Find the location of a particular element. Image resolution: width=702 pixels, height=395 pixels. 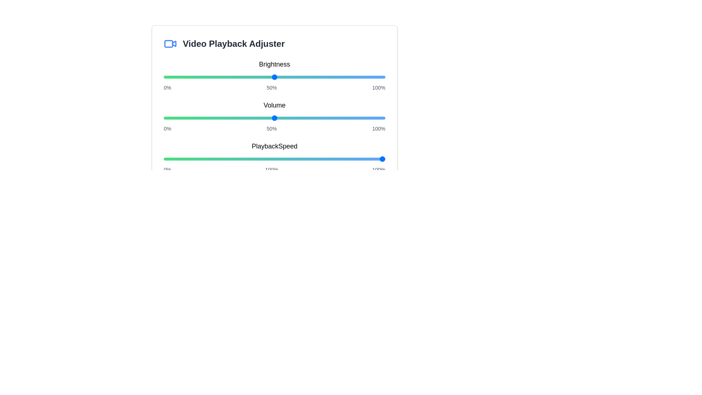

the volume slider to set the volume to 18% is located at coordinates (203, 118).